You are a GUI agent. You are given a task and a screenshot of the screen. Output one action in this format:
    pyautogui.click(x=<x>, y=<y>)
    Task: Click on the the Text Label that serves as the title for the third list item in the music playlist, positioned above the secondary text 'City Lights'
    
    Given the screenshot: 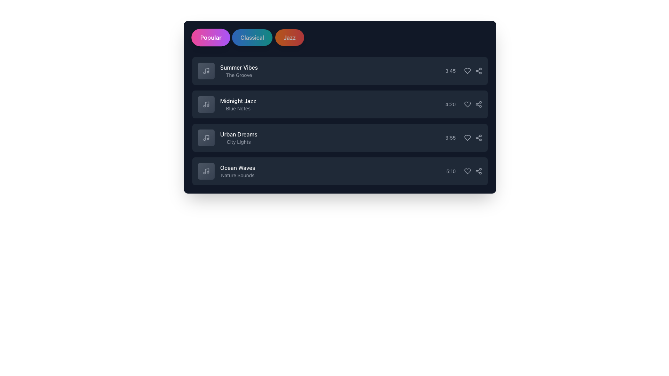 What is the action you would take?
    pyautogui.click(x=239, y=134)
    